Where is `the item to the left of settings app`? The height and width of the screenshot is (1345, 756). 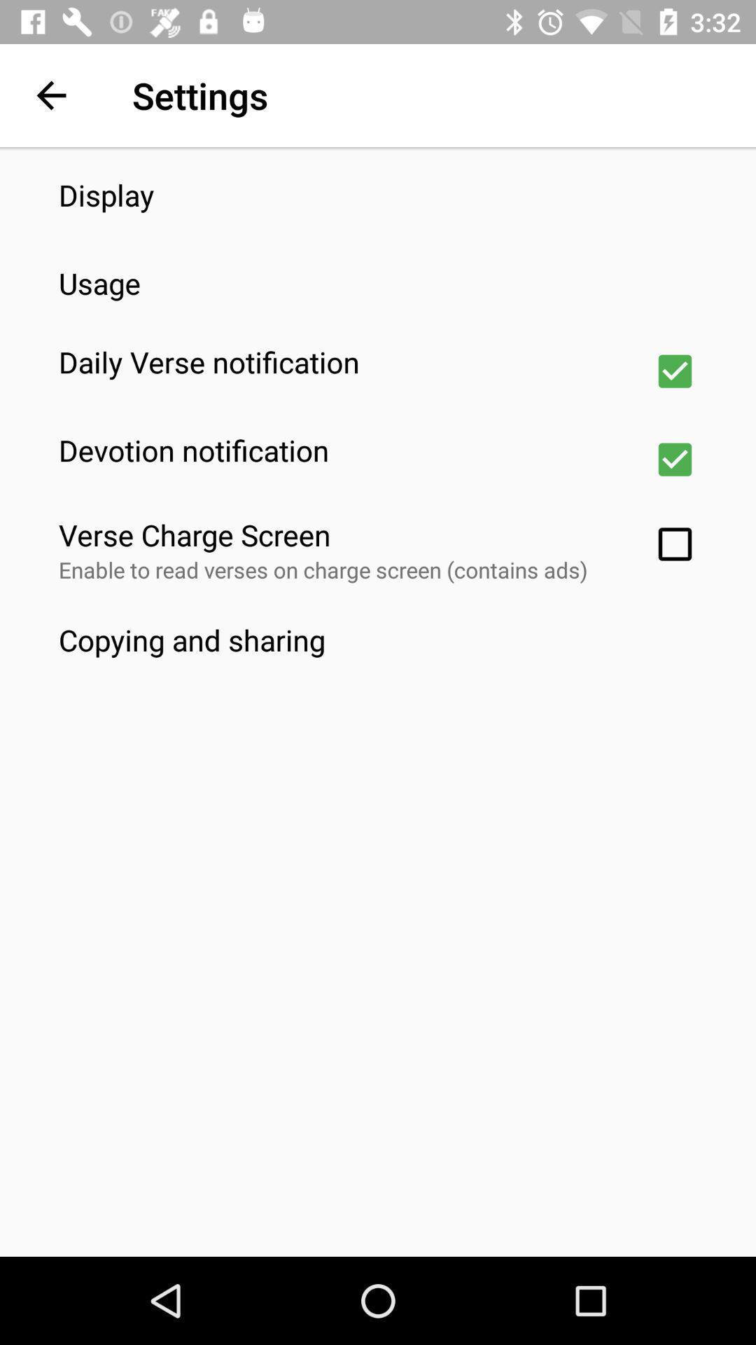
the item to the left of settings app is located at coordinates (50, 95).